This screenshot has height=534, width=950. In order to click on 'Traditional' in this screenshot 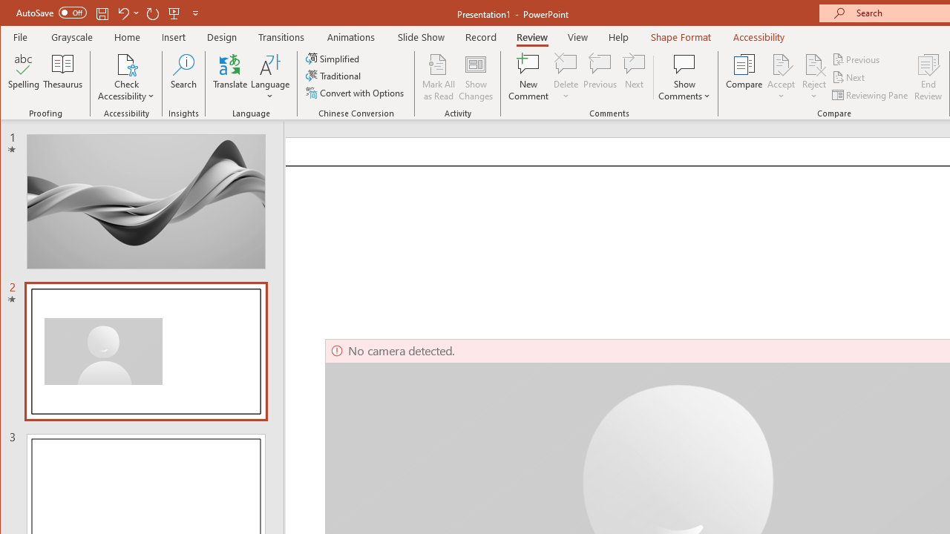, I will do `click(334, 76)`.